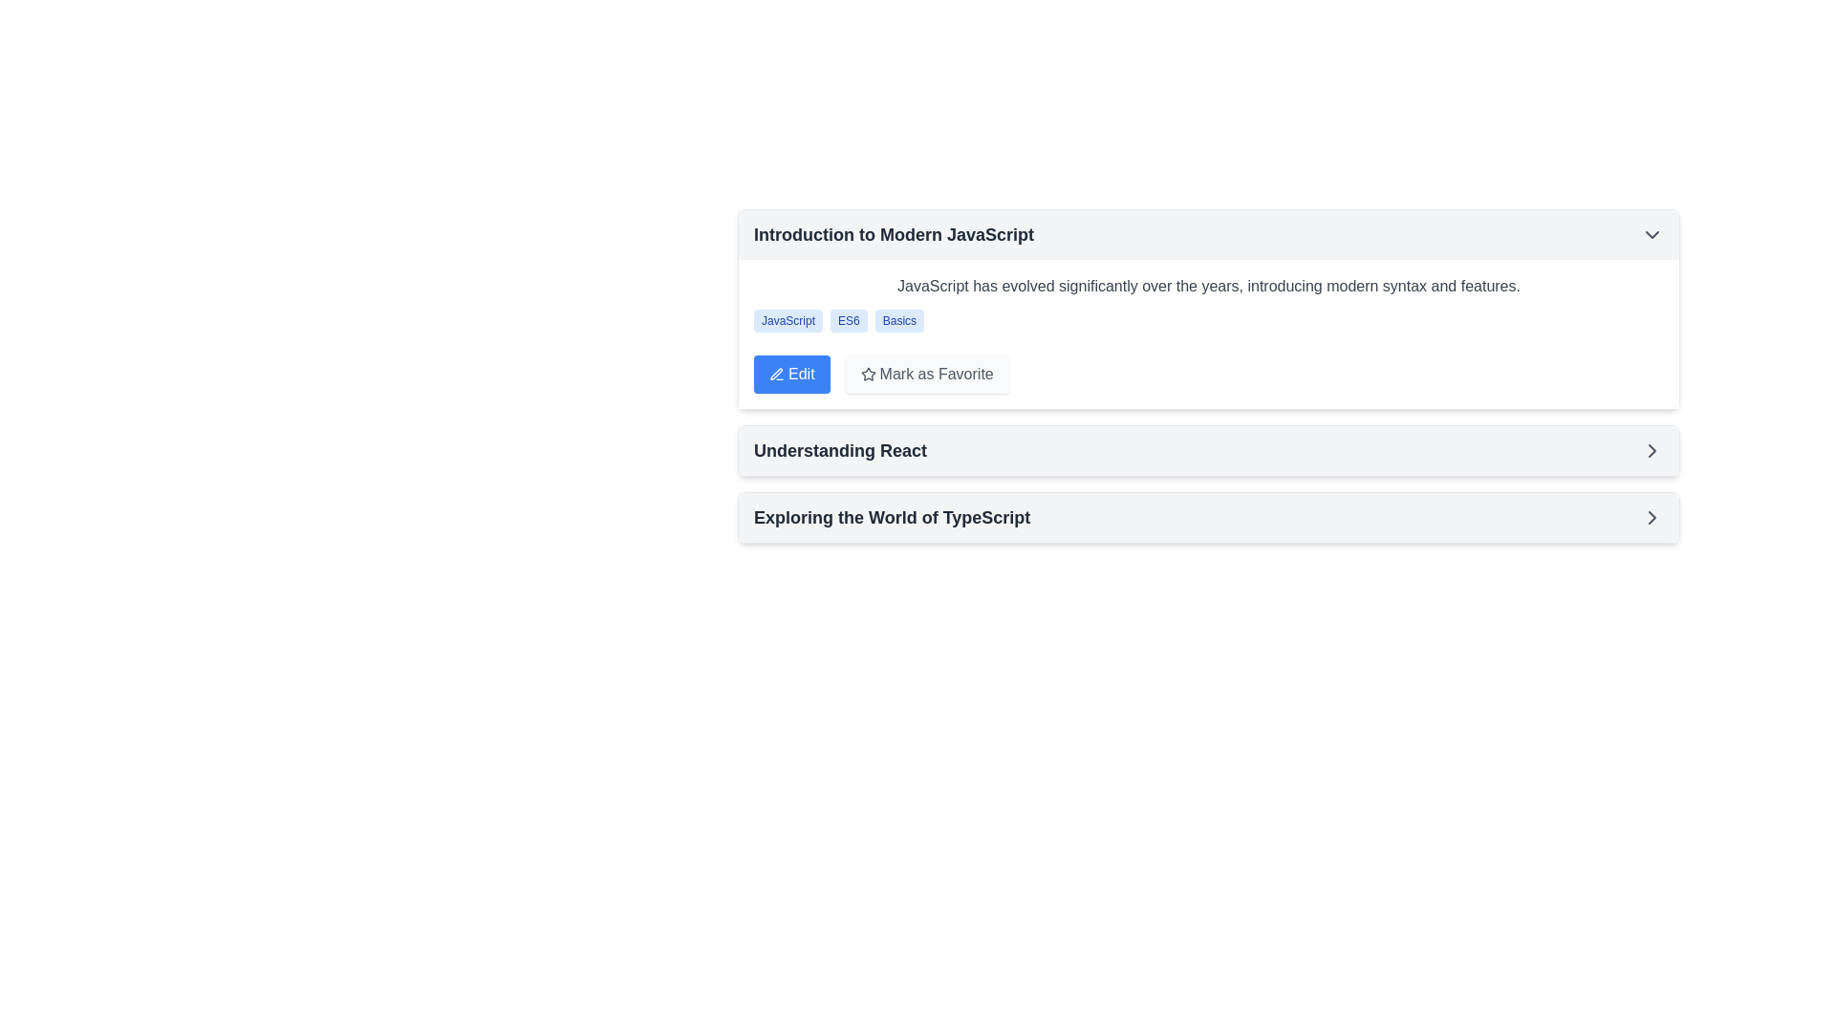 This screenshot has height=1032, width=1835. I want to click on the right-facing chevron icon indicating navigation or expansion functionality, which is located at the far right of the 'Exploring the World of TypeScript' list item, so click(1651, 518).